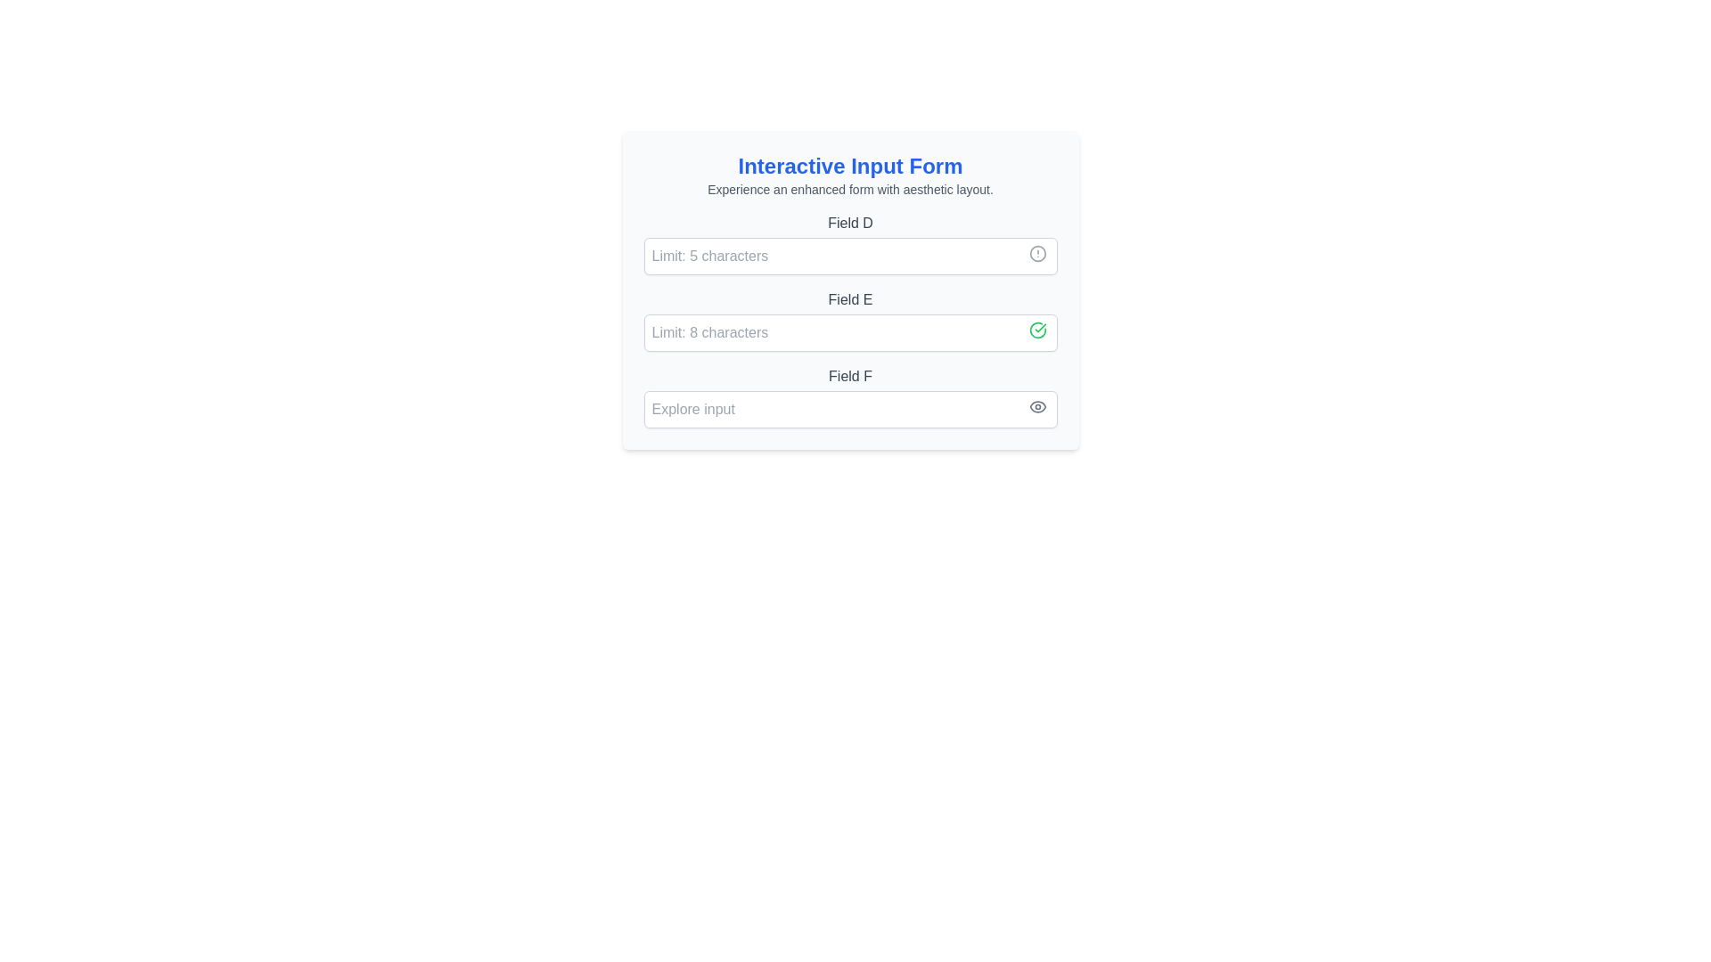 The image size is (1711, 962). What do you see at coordinates (1037, 406) in the screenshot?
I see `the eye icon located at the far-right of the text input field labeled 'Field F' for more information` at bounding box center [1037, 406].